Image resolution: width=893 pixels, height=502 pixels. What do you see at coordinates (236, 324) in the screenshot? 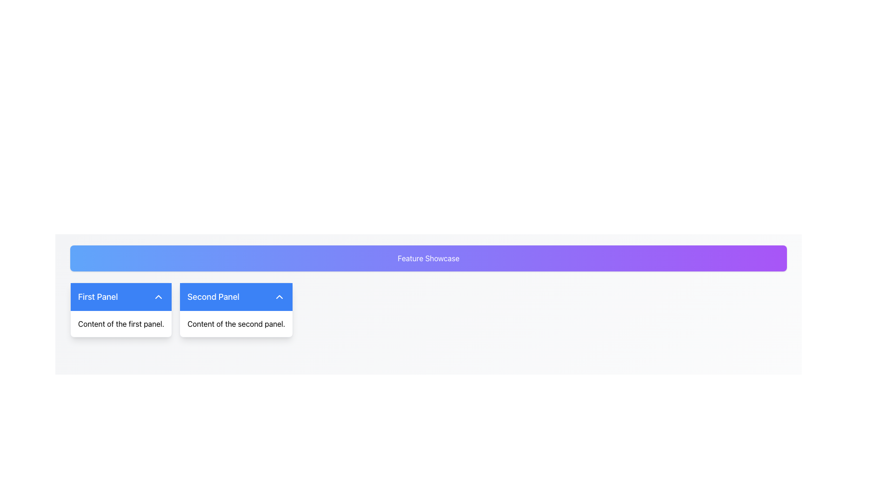
I see `descriptive text content located in the lower half of the 'Second Panel' section, positioned centrally between the 'First Panel' and a blank space` at bounding box center [236, 324].